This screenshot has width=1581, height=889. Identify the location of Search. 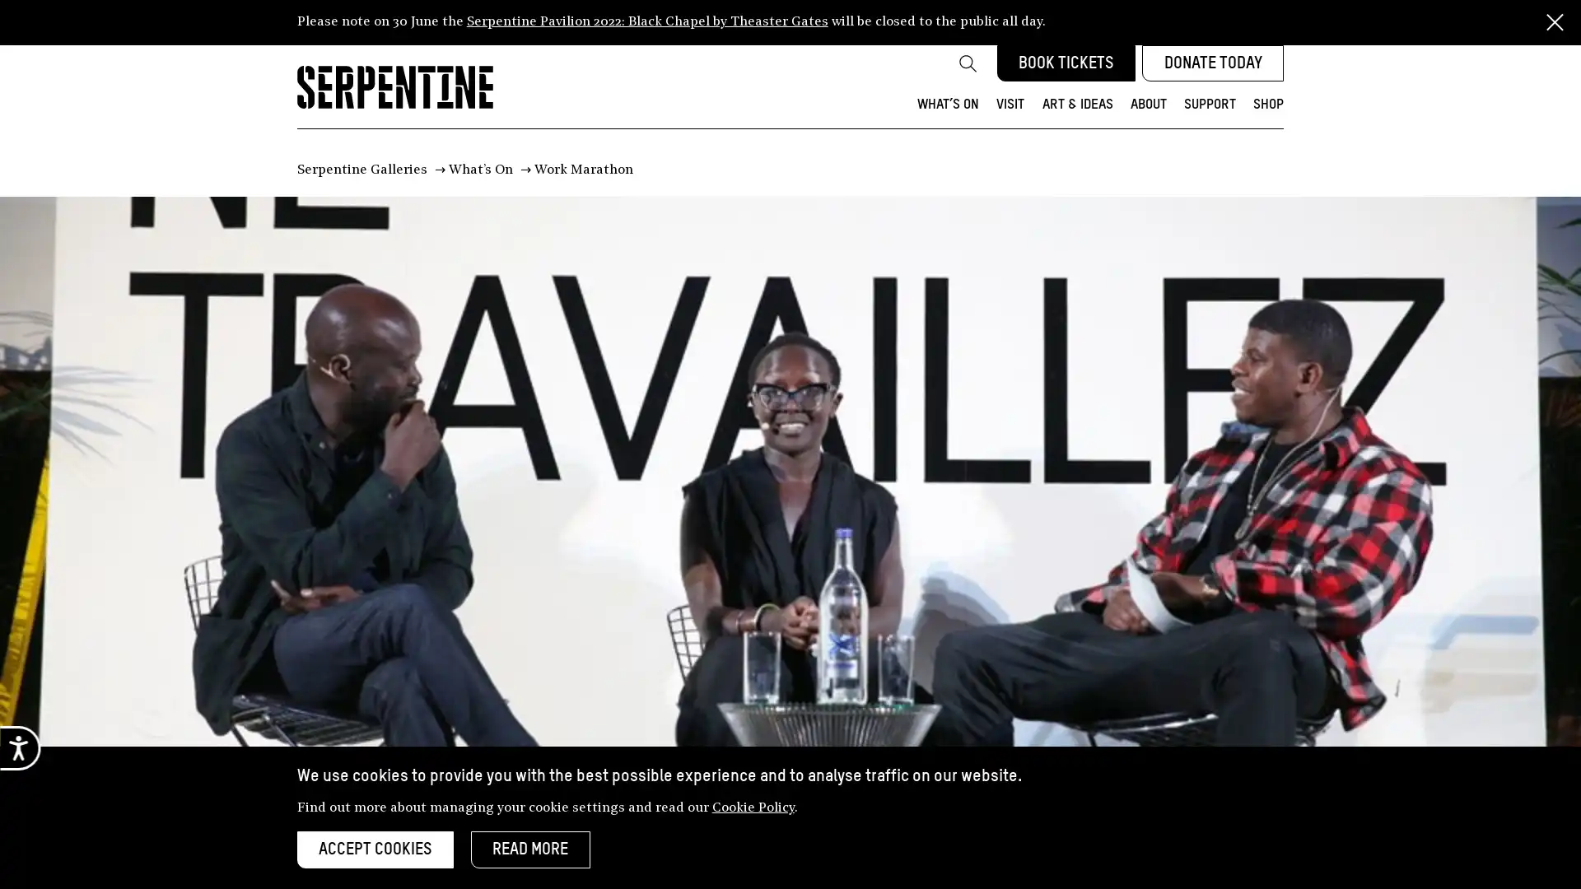
(967, 62).